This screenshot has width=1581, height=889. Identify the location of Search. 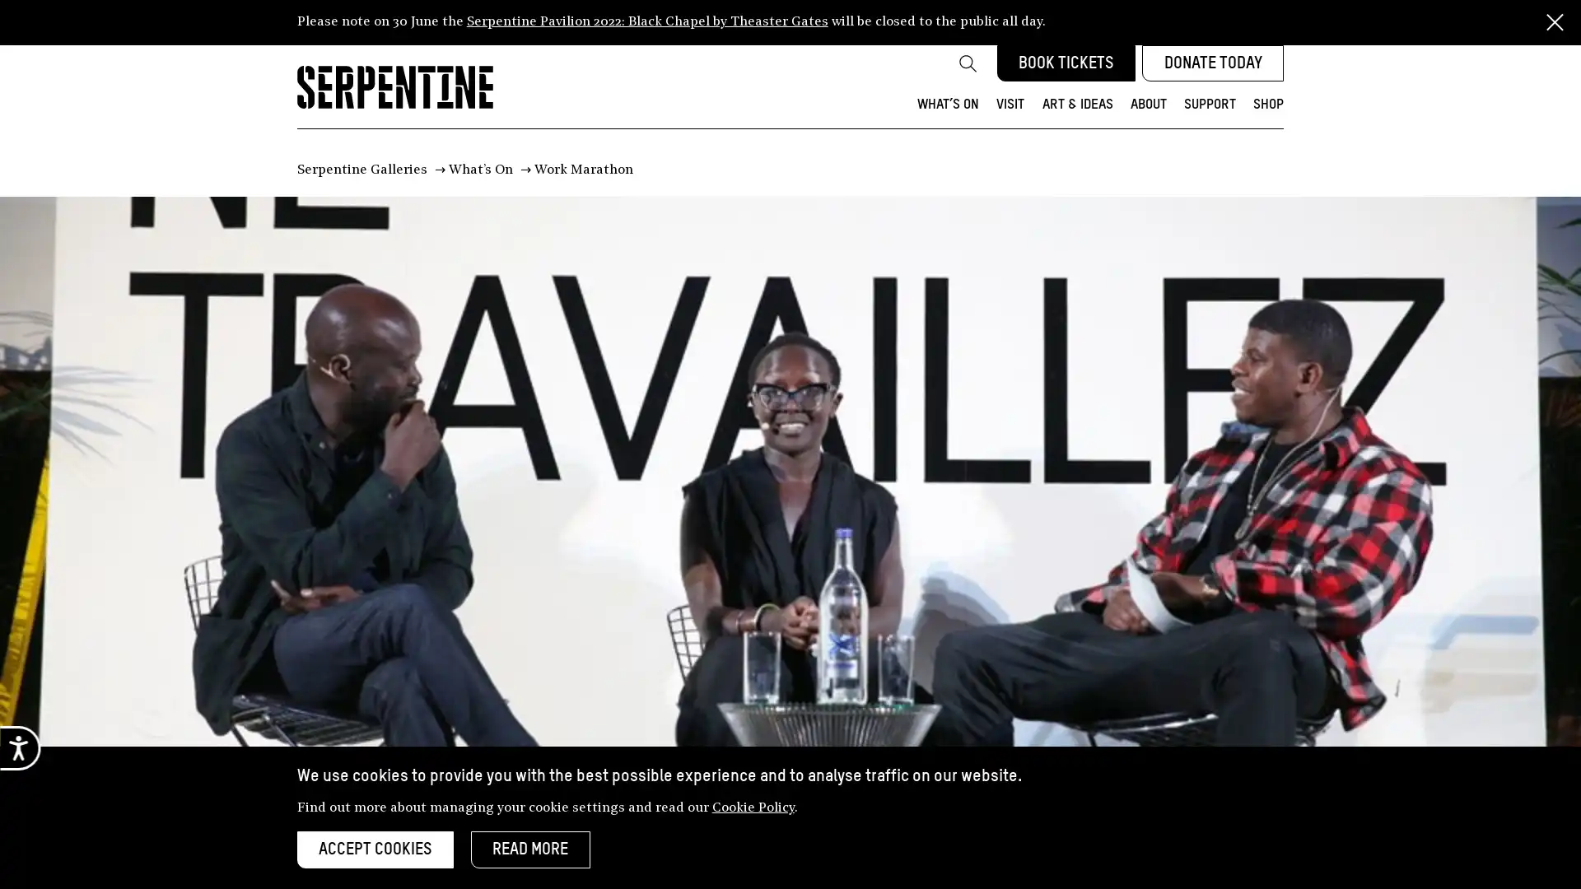
(967, 62).